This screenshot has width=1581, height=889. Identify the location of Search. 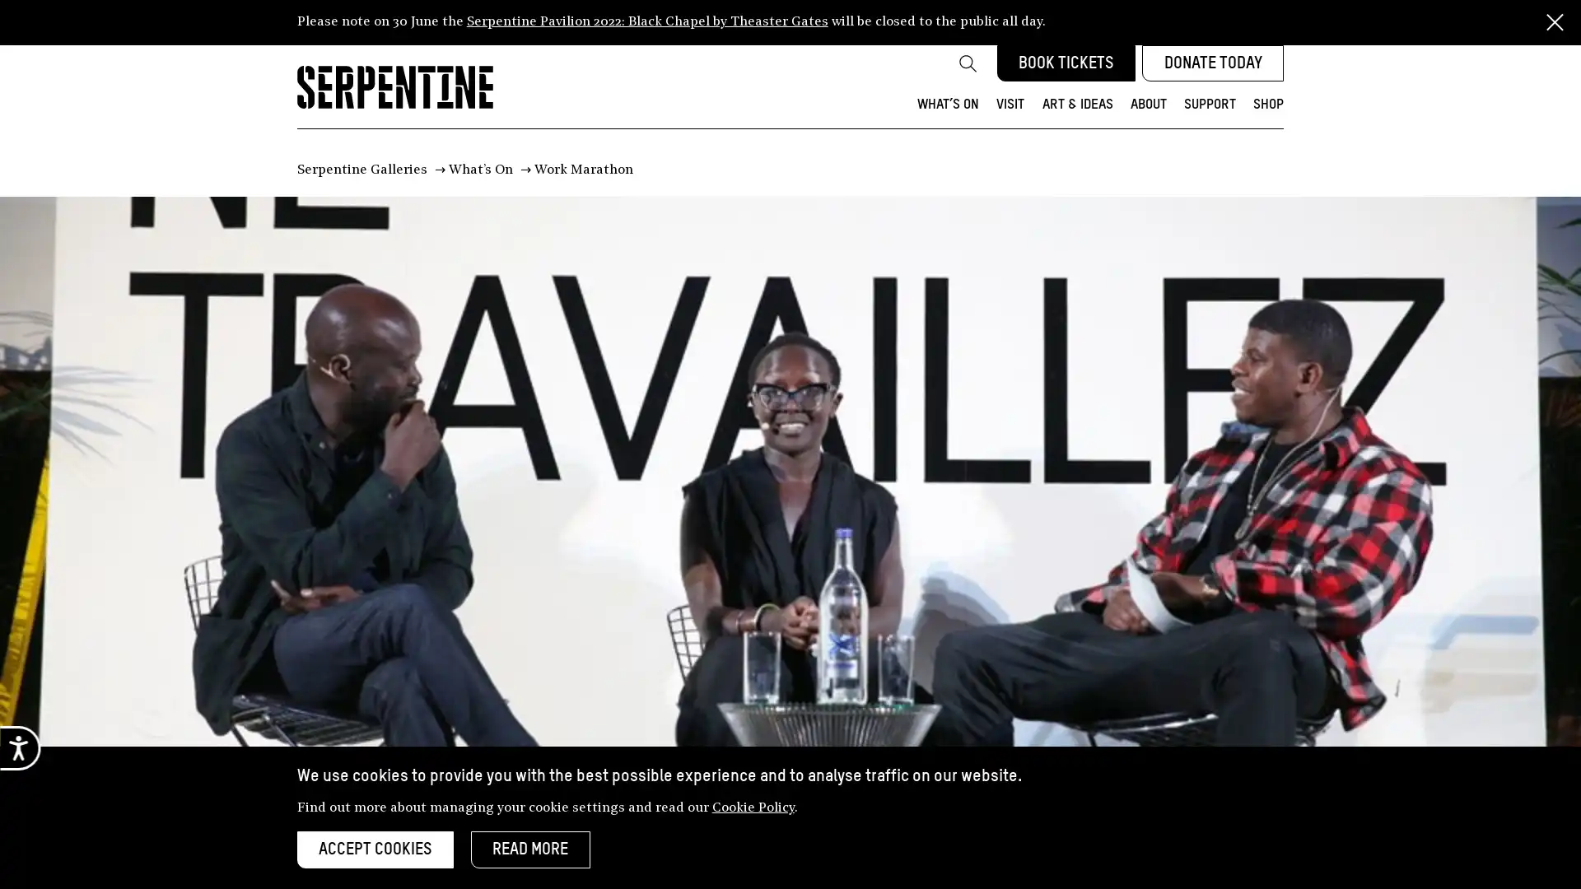
(967, 62).